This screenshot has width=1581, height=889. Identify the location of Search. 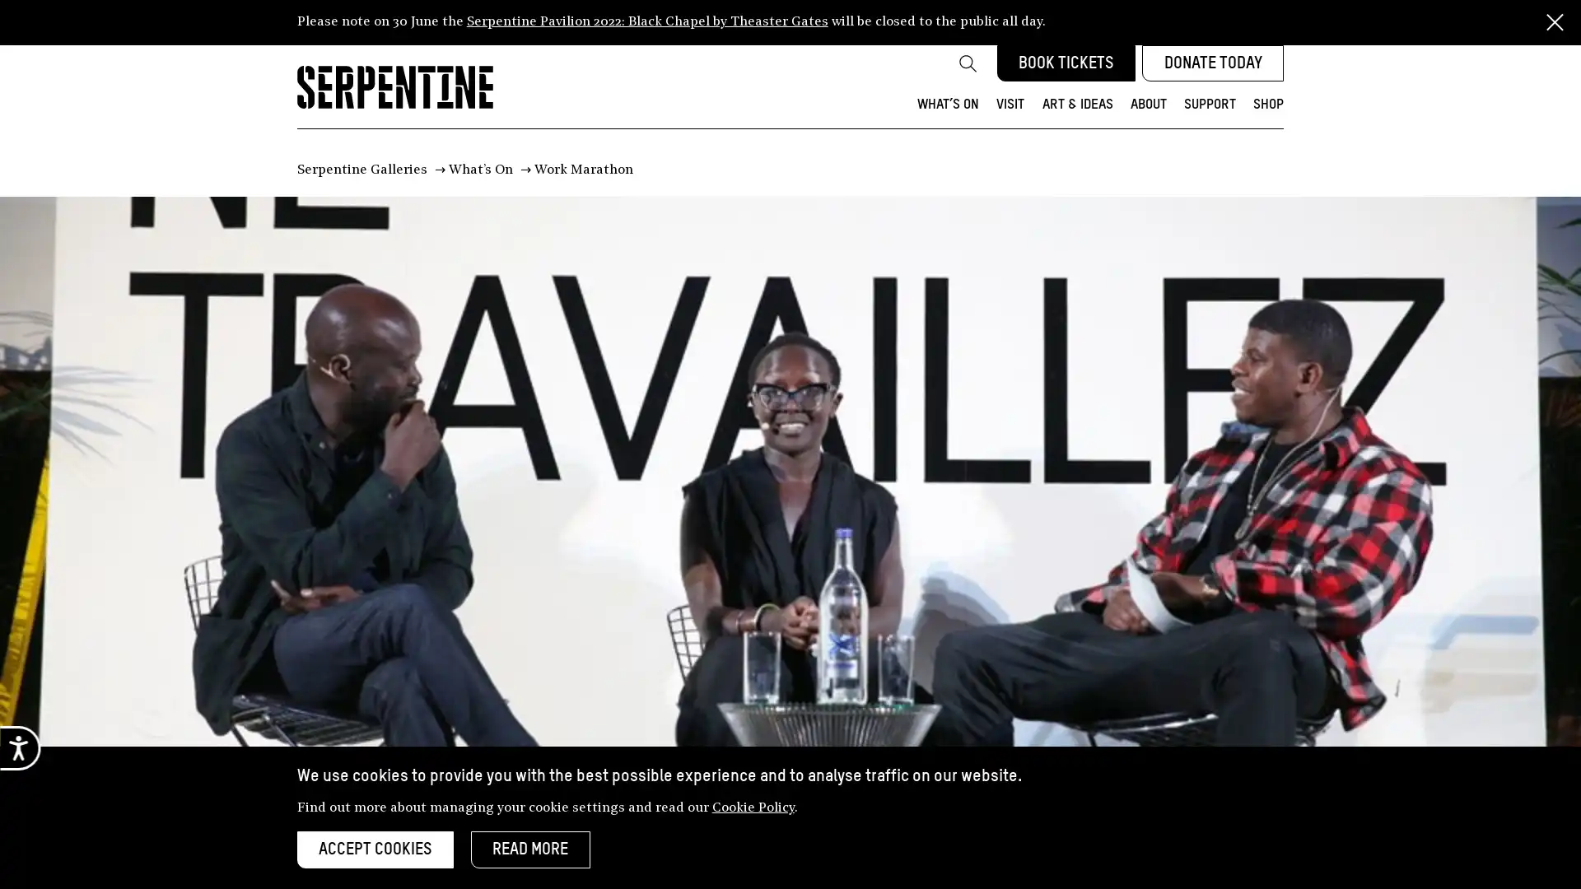
(967, 62).